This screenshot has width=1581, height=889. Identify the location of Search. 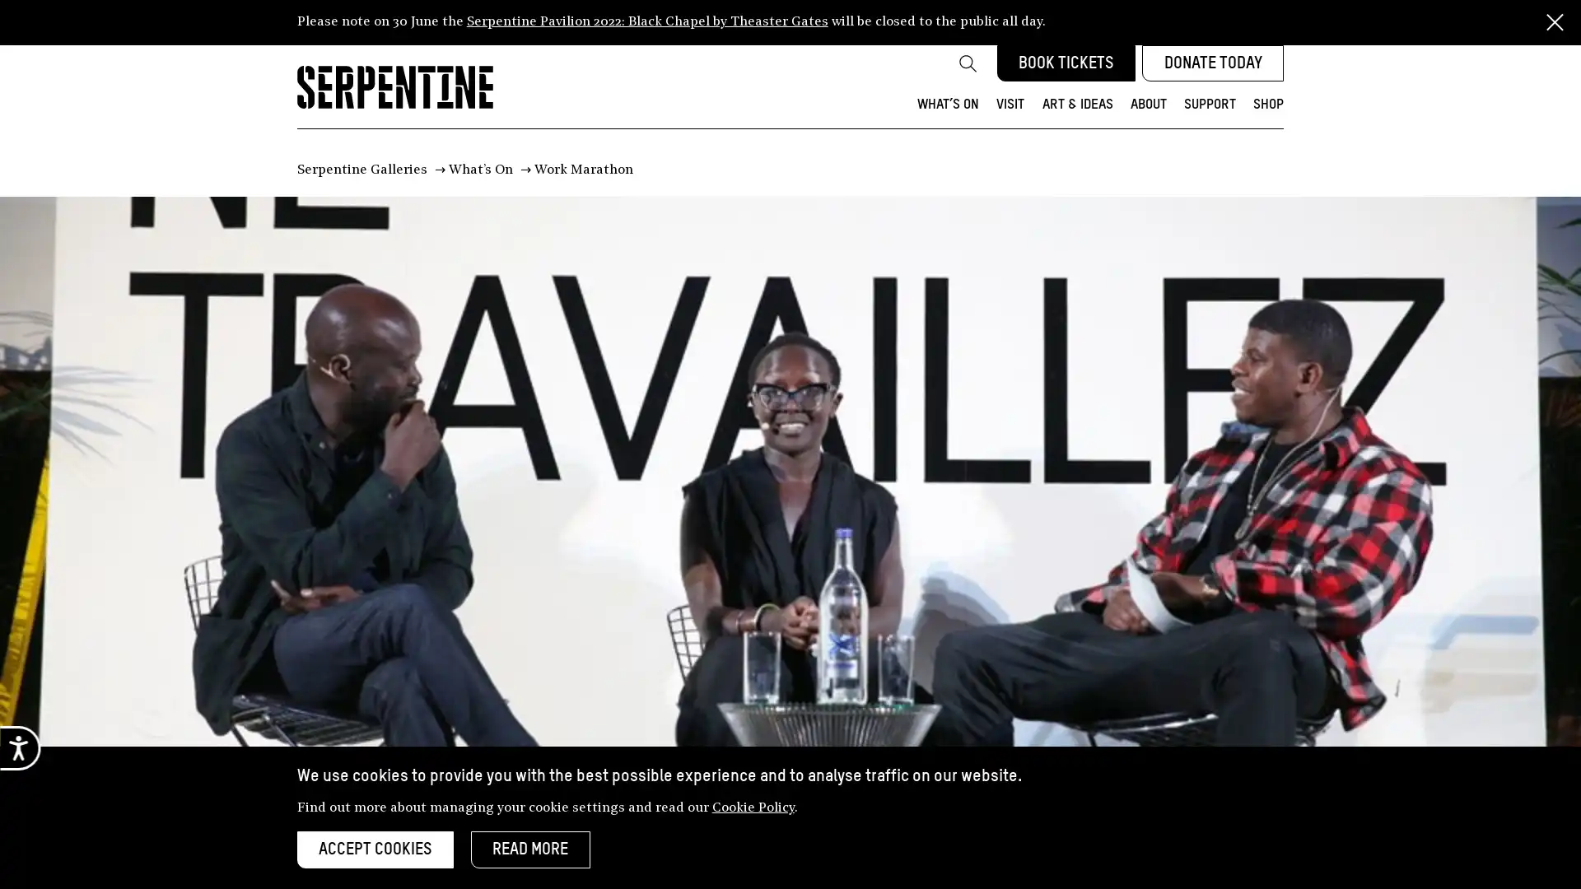
(967, 62).